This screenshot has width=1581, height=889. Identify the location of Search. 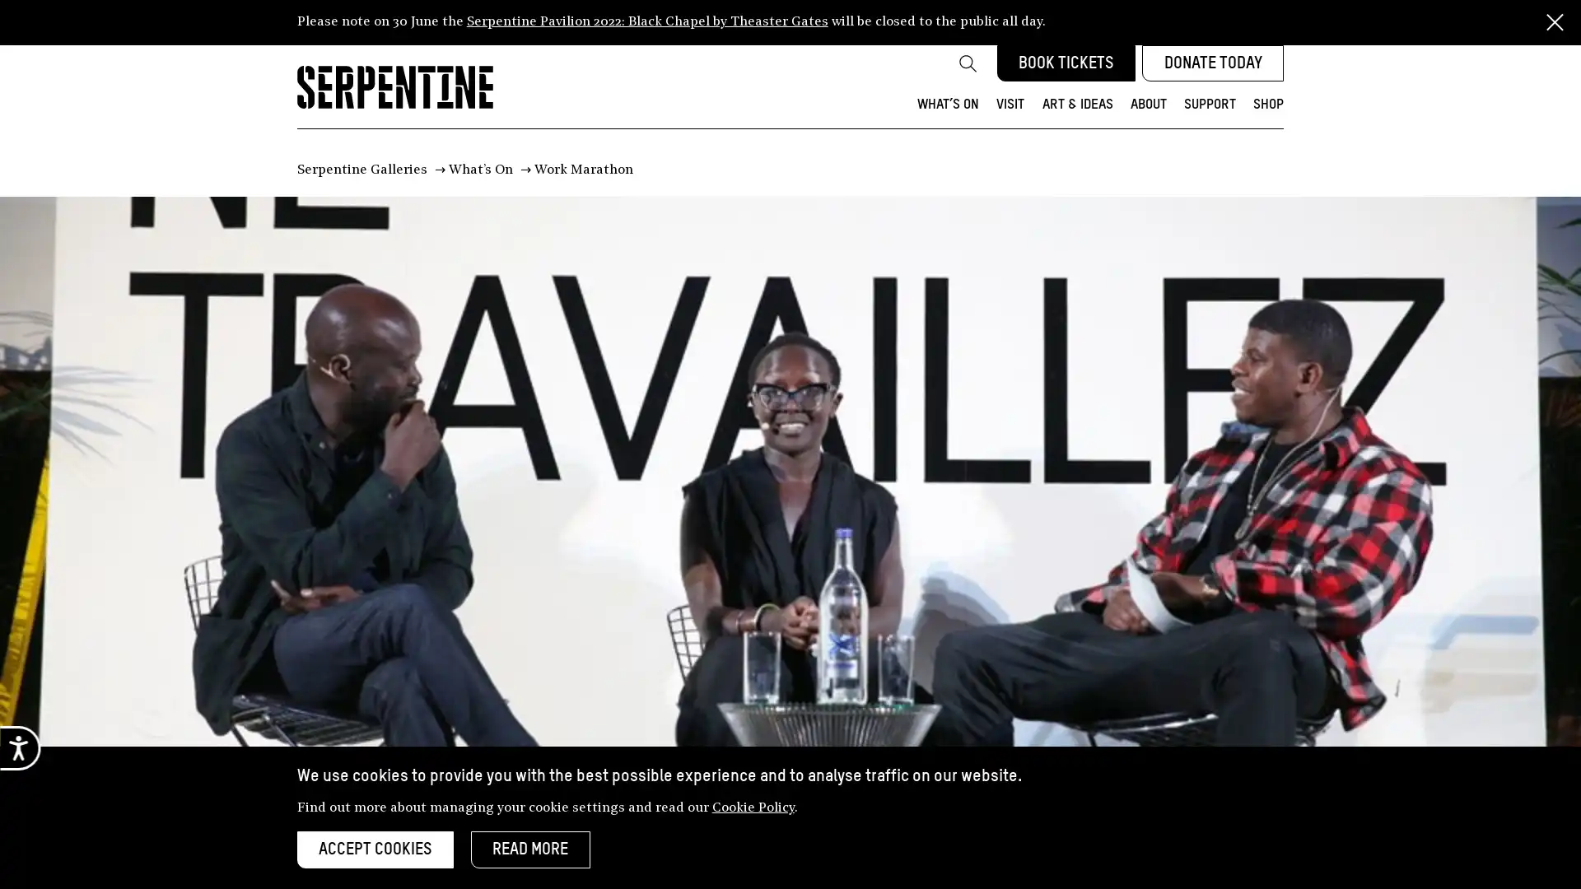
(967, 62).